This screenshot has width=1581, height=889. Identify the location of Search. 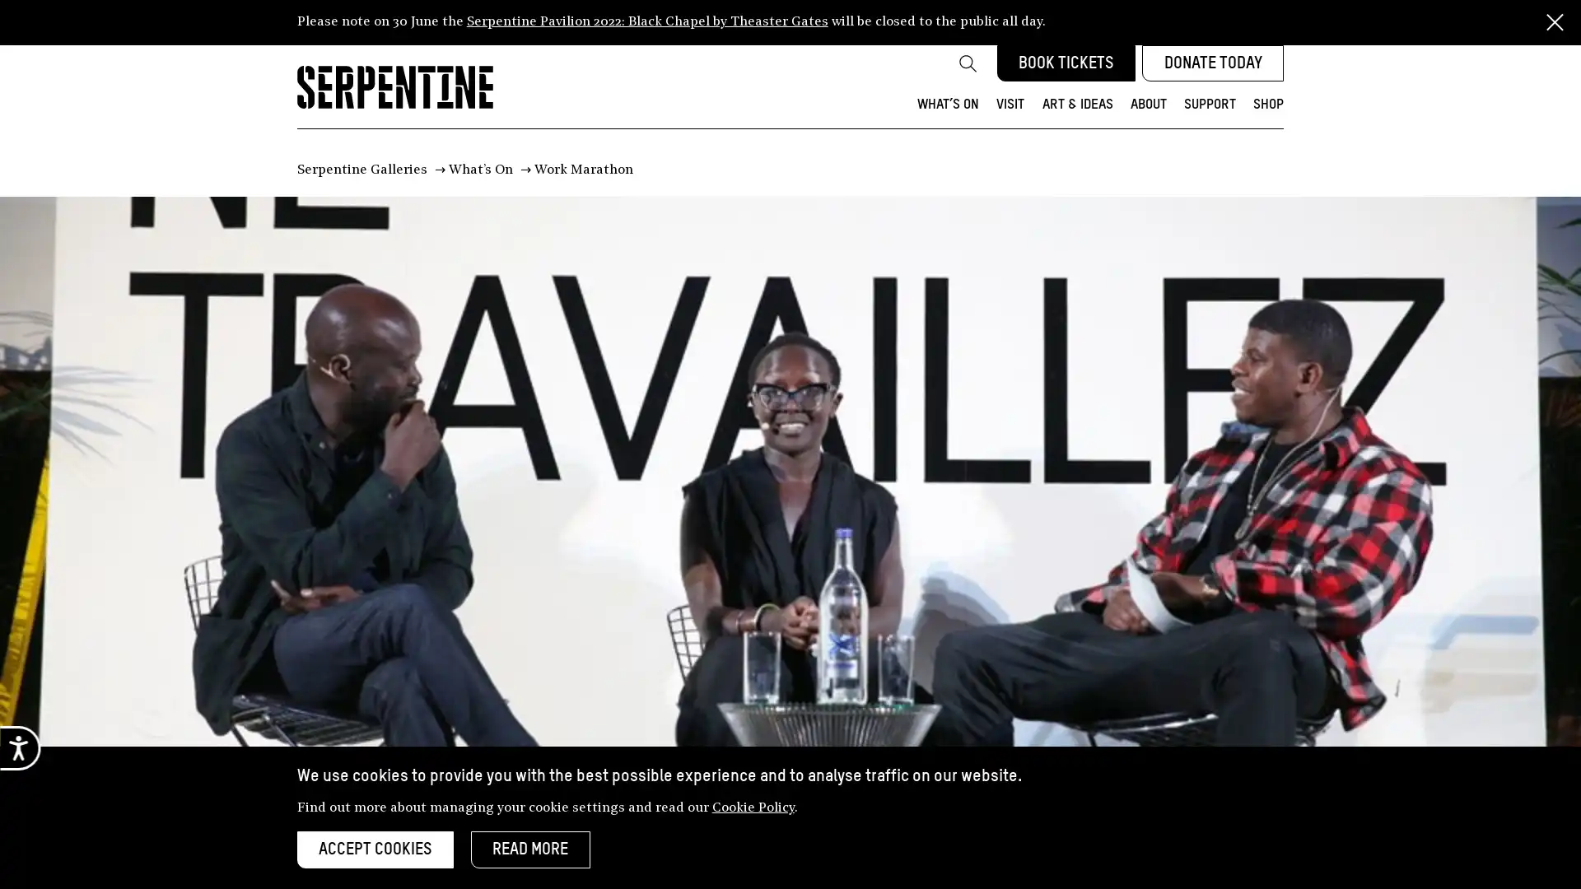
(967, 62).